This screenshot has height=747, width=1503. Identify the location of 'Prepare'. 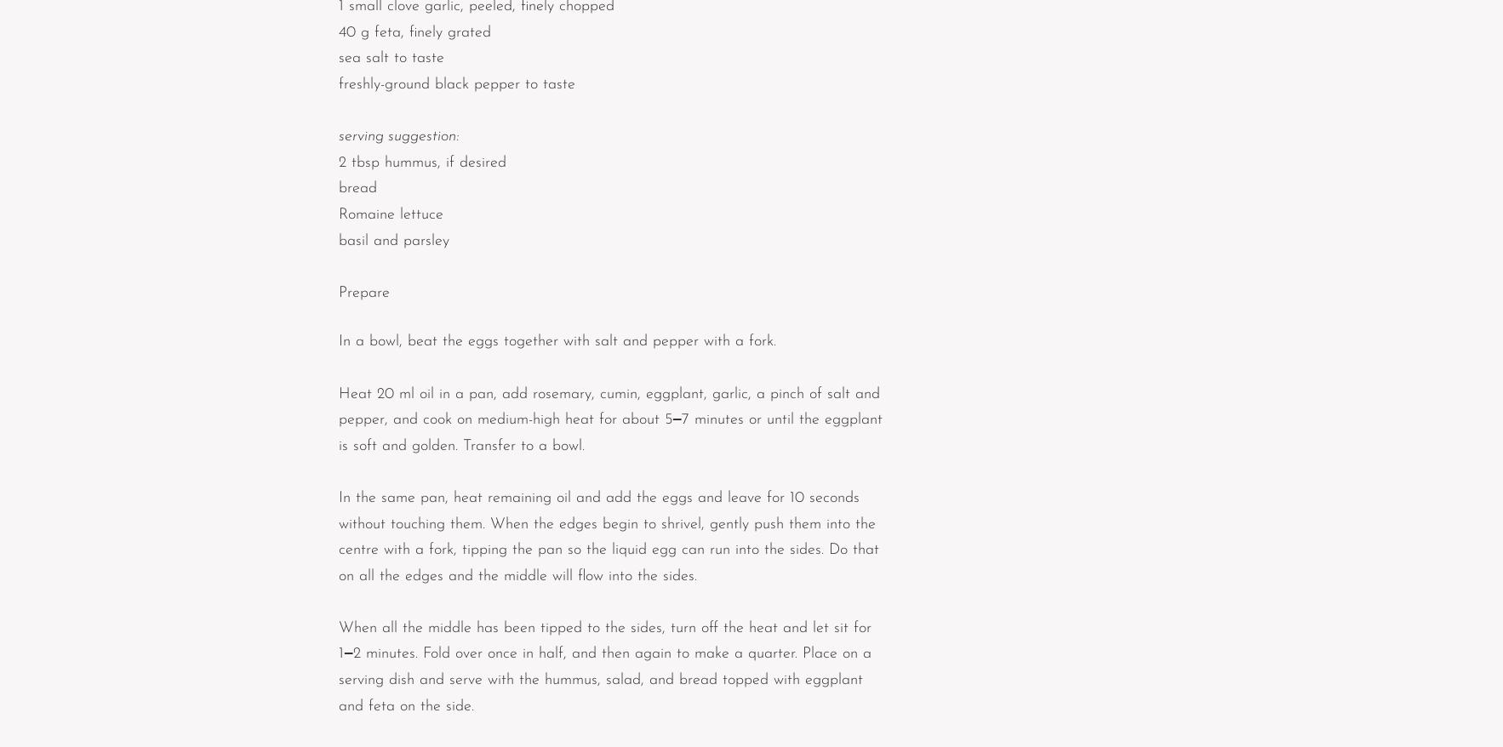
(363, 292).